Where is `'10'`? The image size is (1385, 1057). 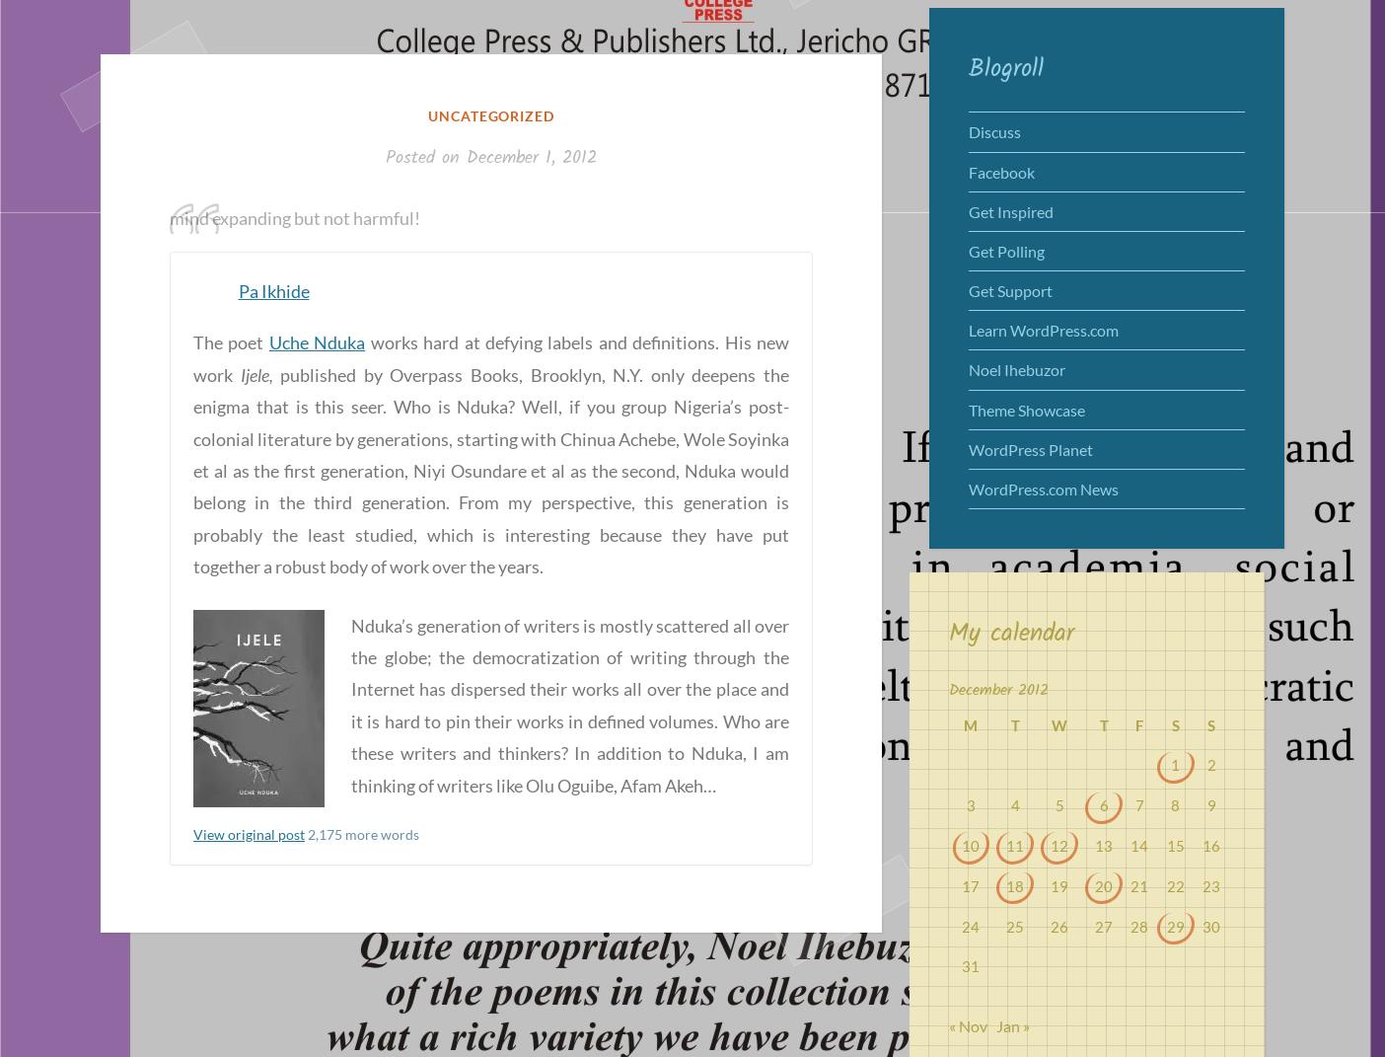
'10' is located at coordinates (971, 845).